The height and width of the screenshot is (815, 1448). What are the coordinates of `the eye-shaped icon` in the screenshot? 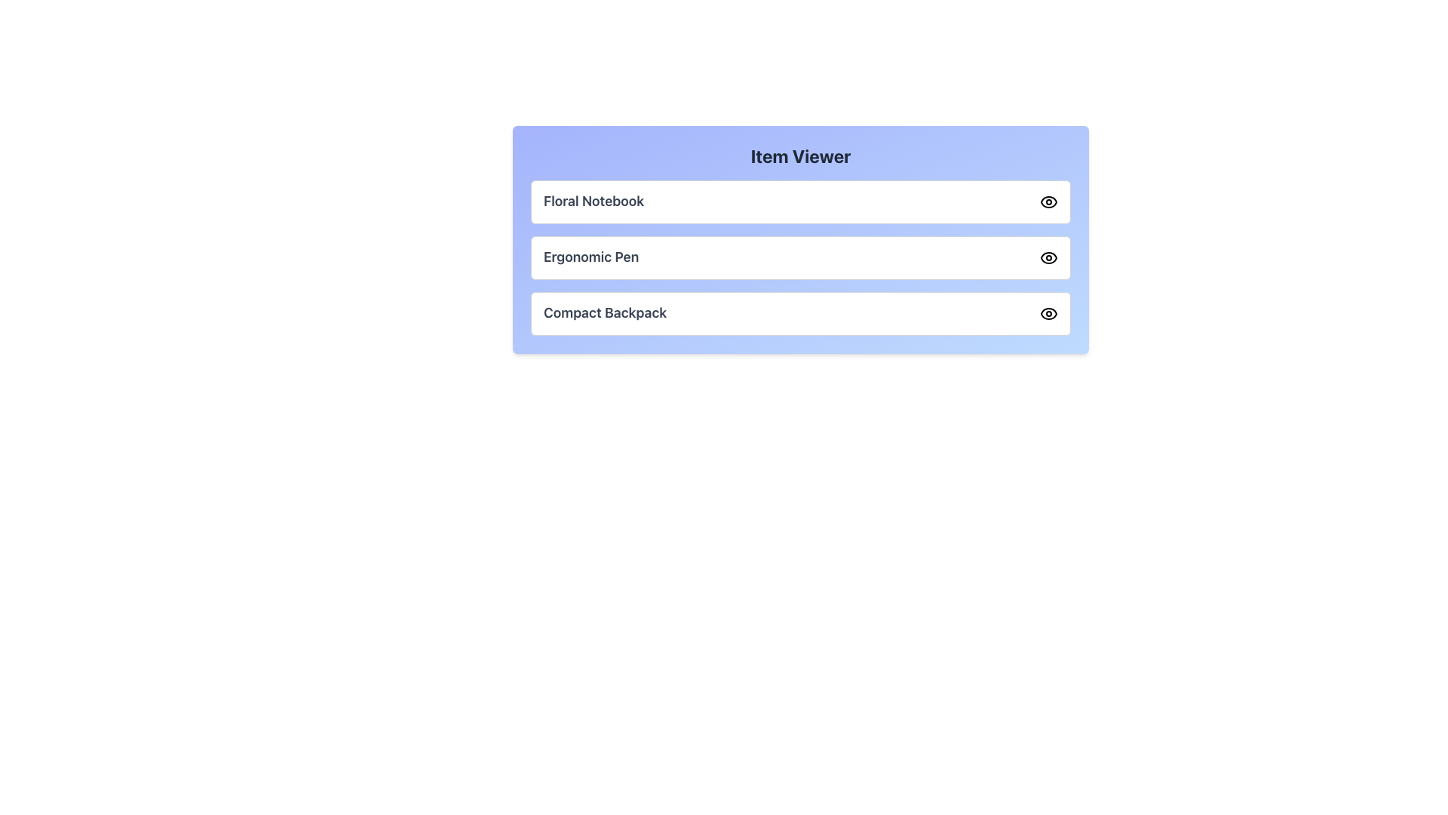 It's located at (1048, 201).